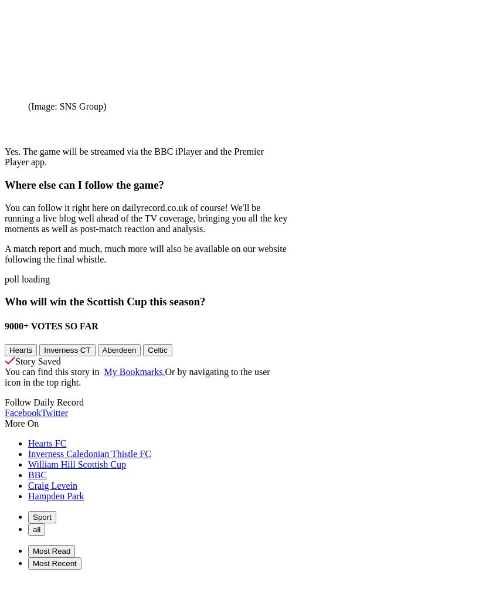 The width and height of the screenshot is (503, 613). What do you see at coordinates (145, 217) in the screenshot?
I see `'You can follow it right here on dailyrecord.co.uk of course! We'll be running a live blog well ahead of the TV coverage, bringing you all the key moments as well as post-match reaction and analysis.'` at bounding box center [145, 217].